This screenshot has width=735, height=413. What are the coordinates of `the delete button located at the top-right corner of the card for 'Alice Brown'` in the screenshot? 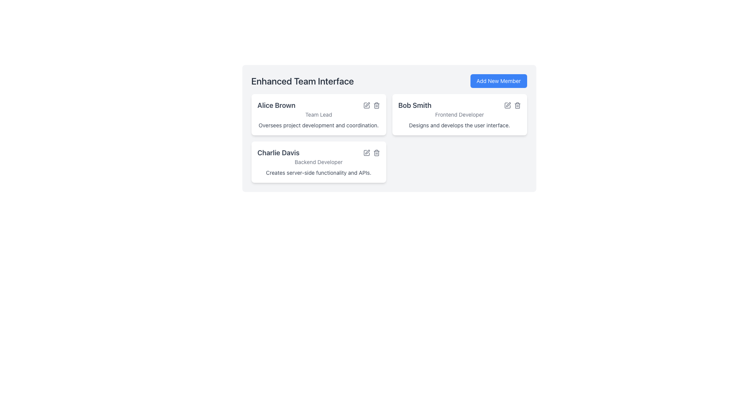 It's located at (376, 106).